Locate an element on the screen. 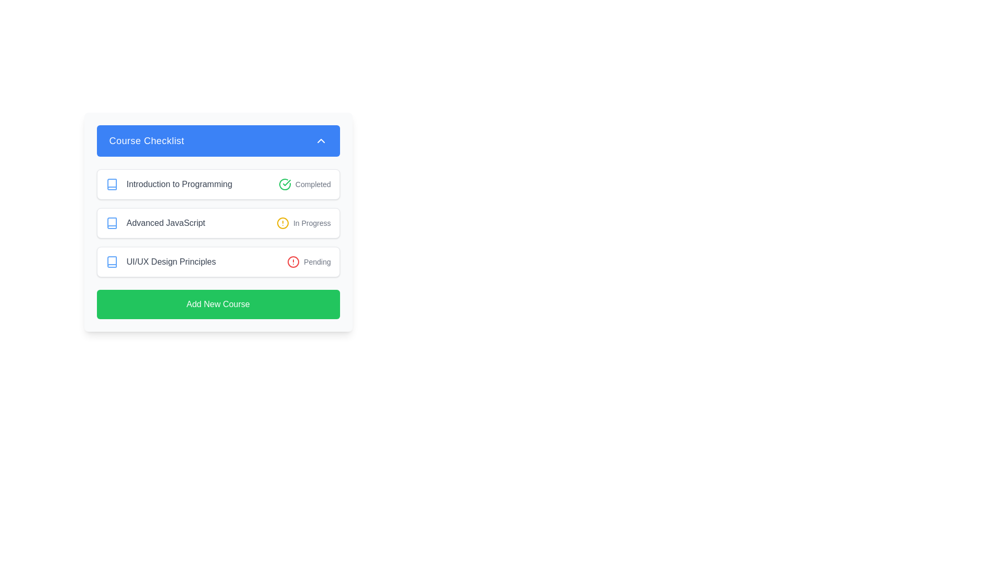 This screenshot has height=566, width=1006. the status information associated with the completion icon for the course 'Introduction to Programming', located in the right section of the first row is located at coordinates (304, 183).